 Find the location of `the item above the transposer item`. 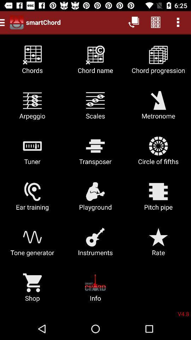

the item above the transposer item is located at coordinates (158, 108).